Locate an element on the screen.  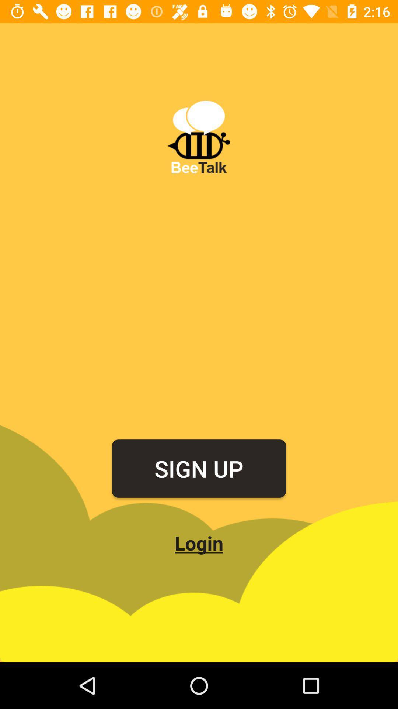
sign up icon is located at coordinates (199, 468).